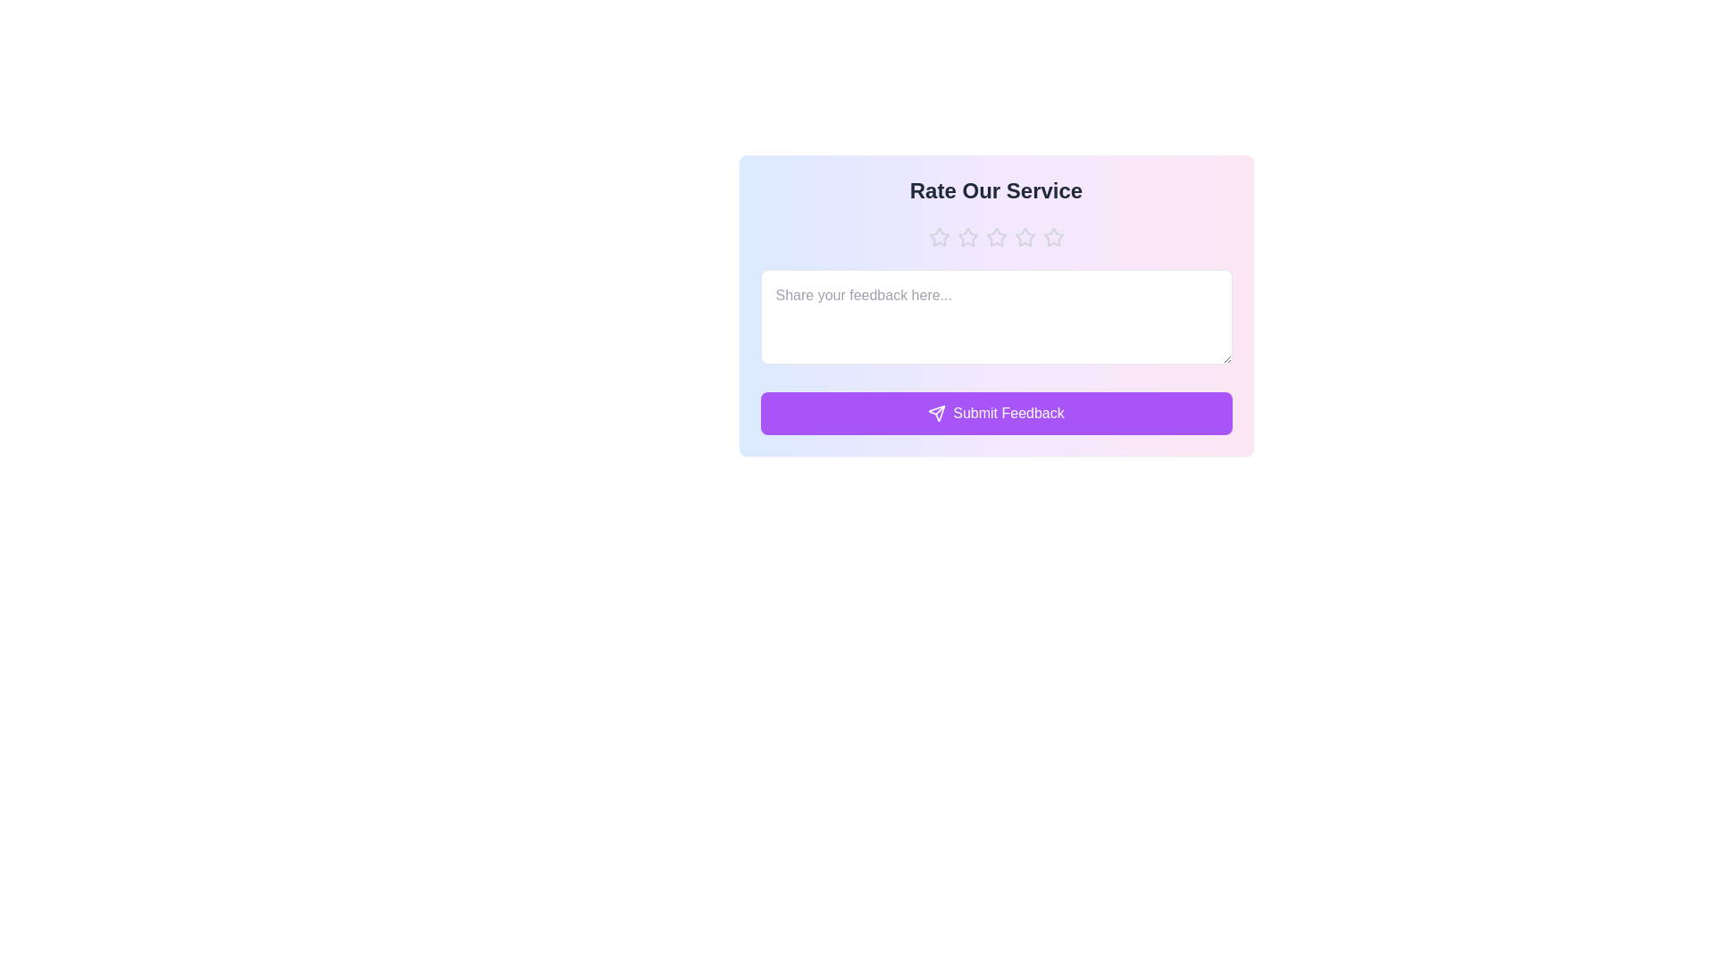 The image size is (1715, 965). I want to click on the rating to 2 stars by clicking the corresponding star button, so click(966, 237).